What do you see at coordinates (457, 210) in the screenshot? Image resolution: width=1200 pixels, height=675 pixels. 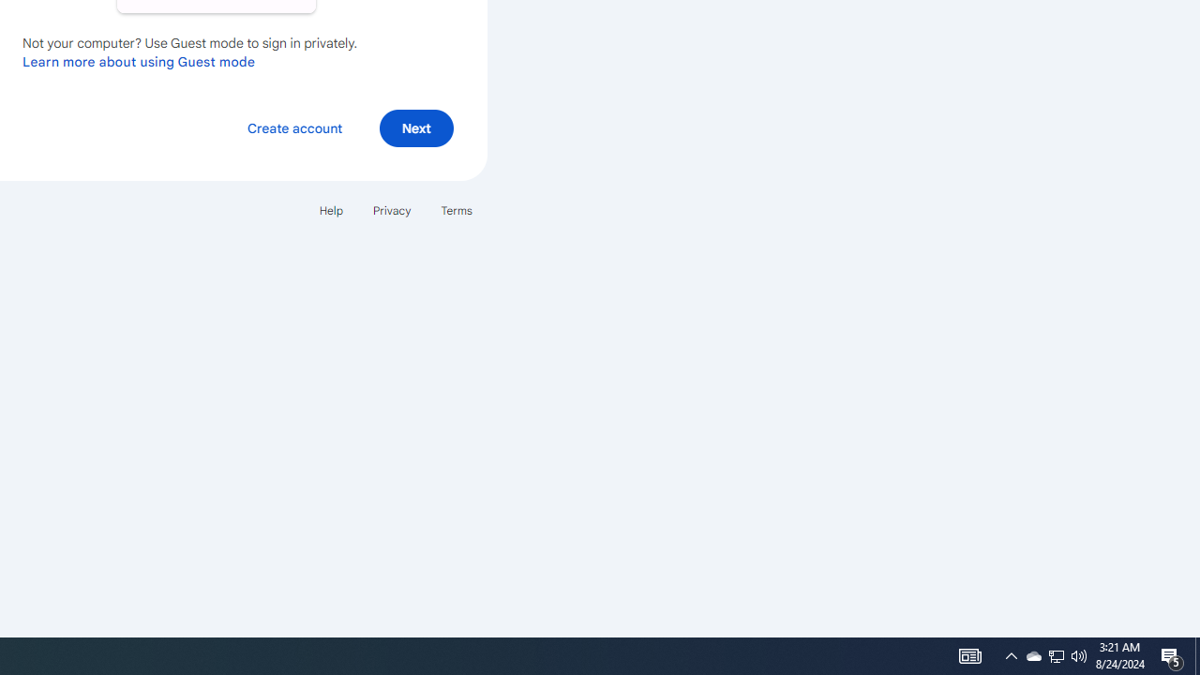 I see `'Terms'` at bounding box center [457, 210].